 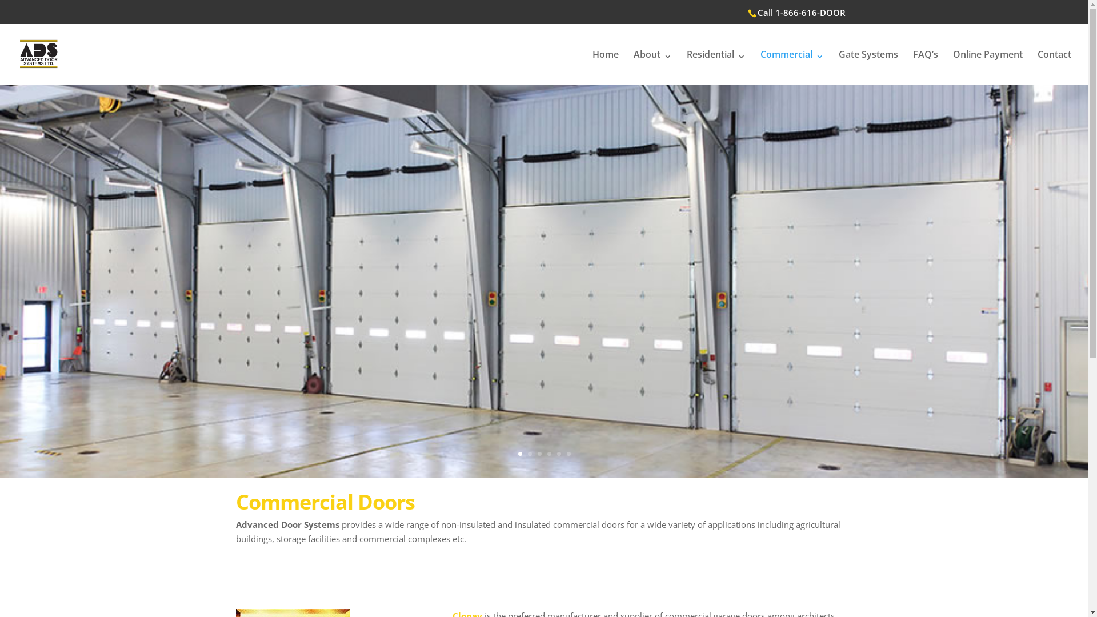 What do you see at coordinates (652, 67) in the screenshot?
I see `'About'` at bounding box center [652, 67].